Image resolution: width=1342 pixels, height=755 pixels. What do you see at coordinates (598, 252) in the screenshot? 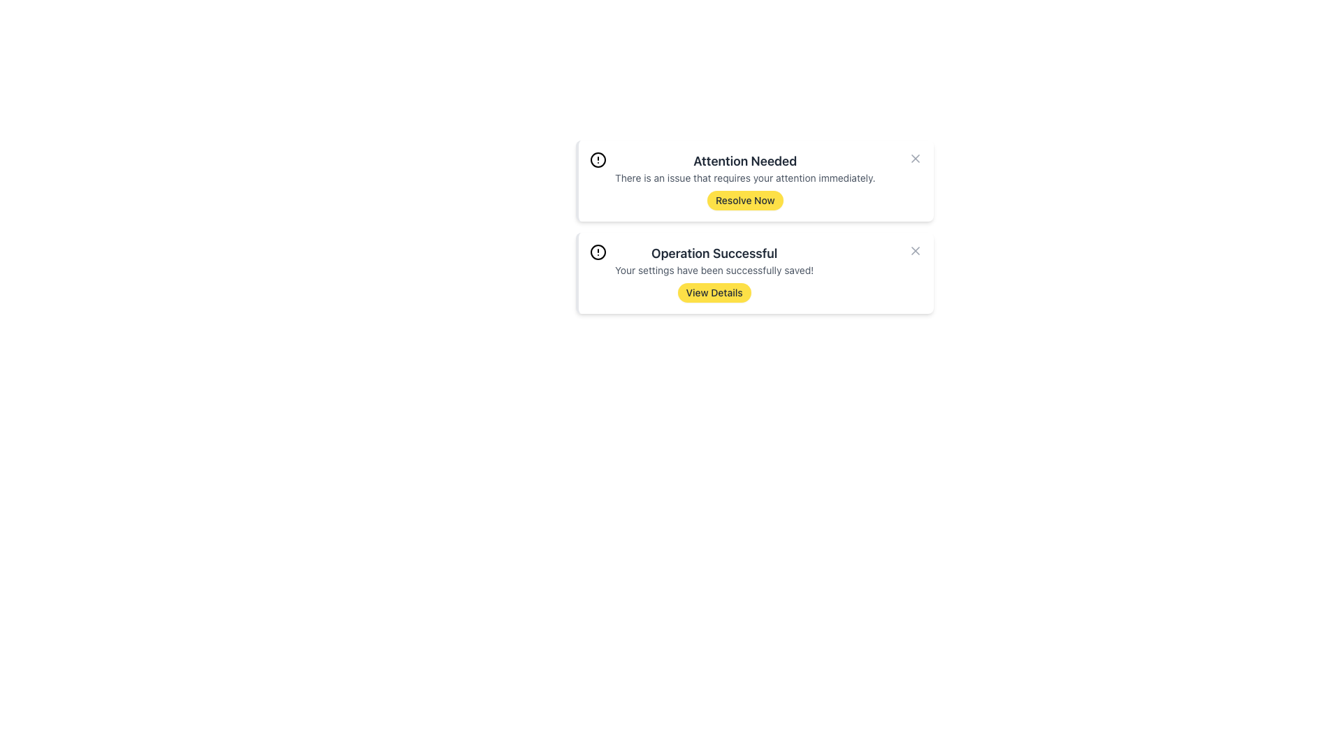
I see `the SVG Circle Element that signifies 'Operation Successful' located at the center of the circular icon component in the second notification panel` at bounding box center [598, 252].